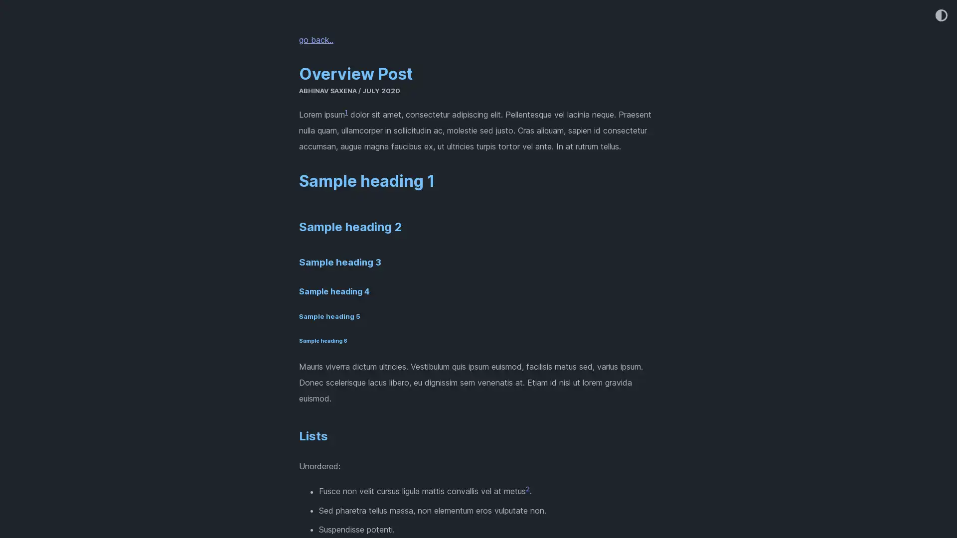 Image resolution: width=957 pixels, height=538 pixels. What do you see at coordinates (940, 16) in the screenshot?
I see `Toggle Theme` at bounding box center [940, 16].